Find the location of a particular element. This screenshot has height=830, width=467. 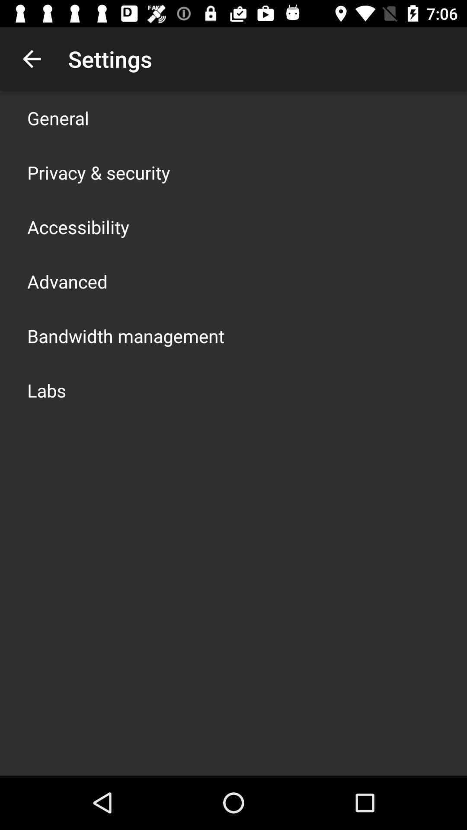

the bandwidth management app is located at coordinates (125, 335).